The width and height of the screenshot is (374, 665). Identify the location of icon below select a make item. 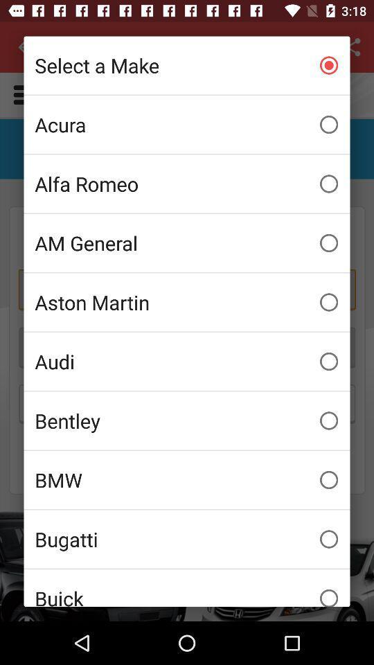
(187, 124).